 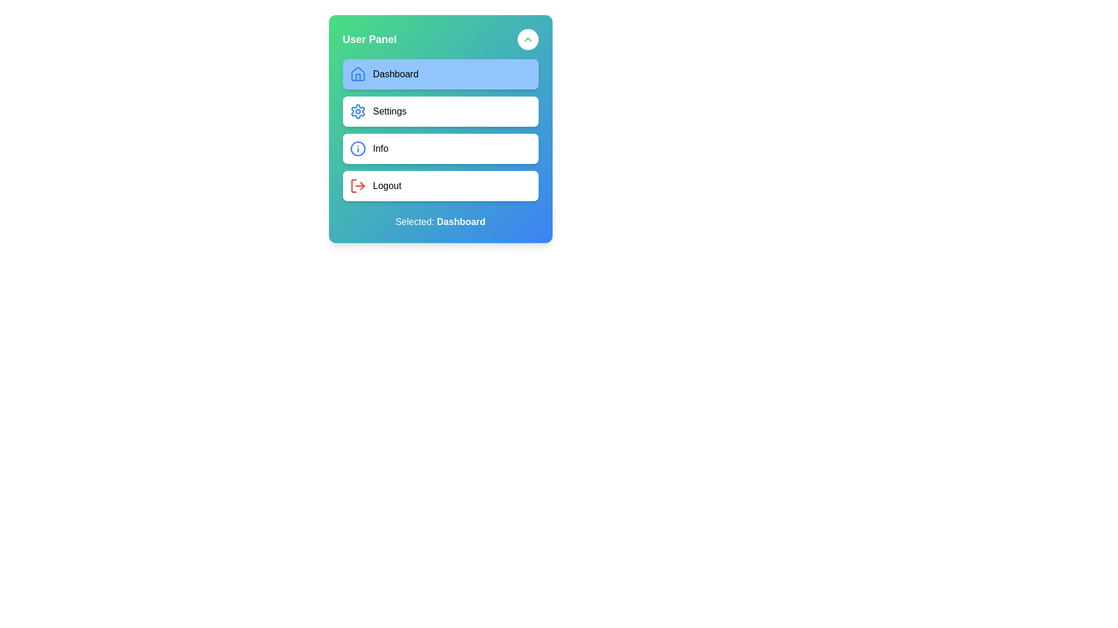 I want to click on the 'Logout' button, which is a rectangular button with rounded corners, a white background, a shadow effect, and contains a red logout icon on the left with the text 'Logout' aligned to the right, so click(x=440, y=185).